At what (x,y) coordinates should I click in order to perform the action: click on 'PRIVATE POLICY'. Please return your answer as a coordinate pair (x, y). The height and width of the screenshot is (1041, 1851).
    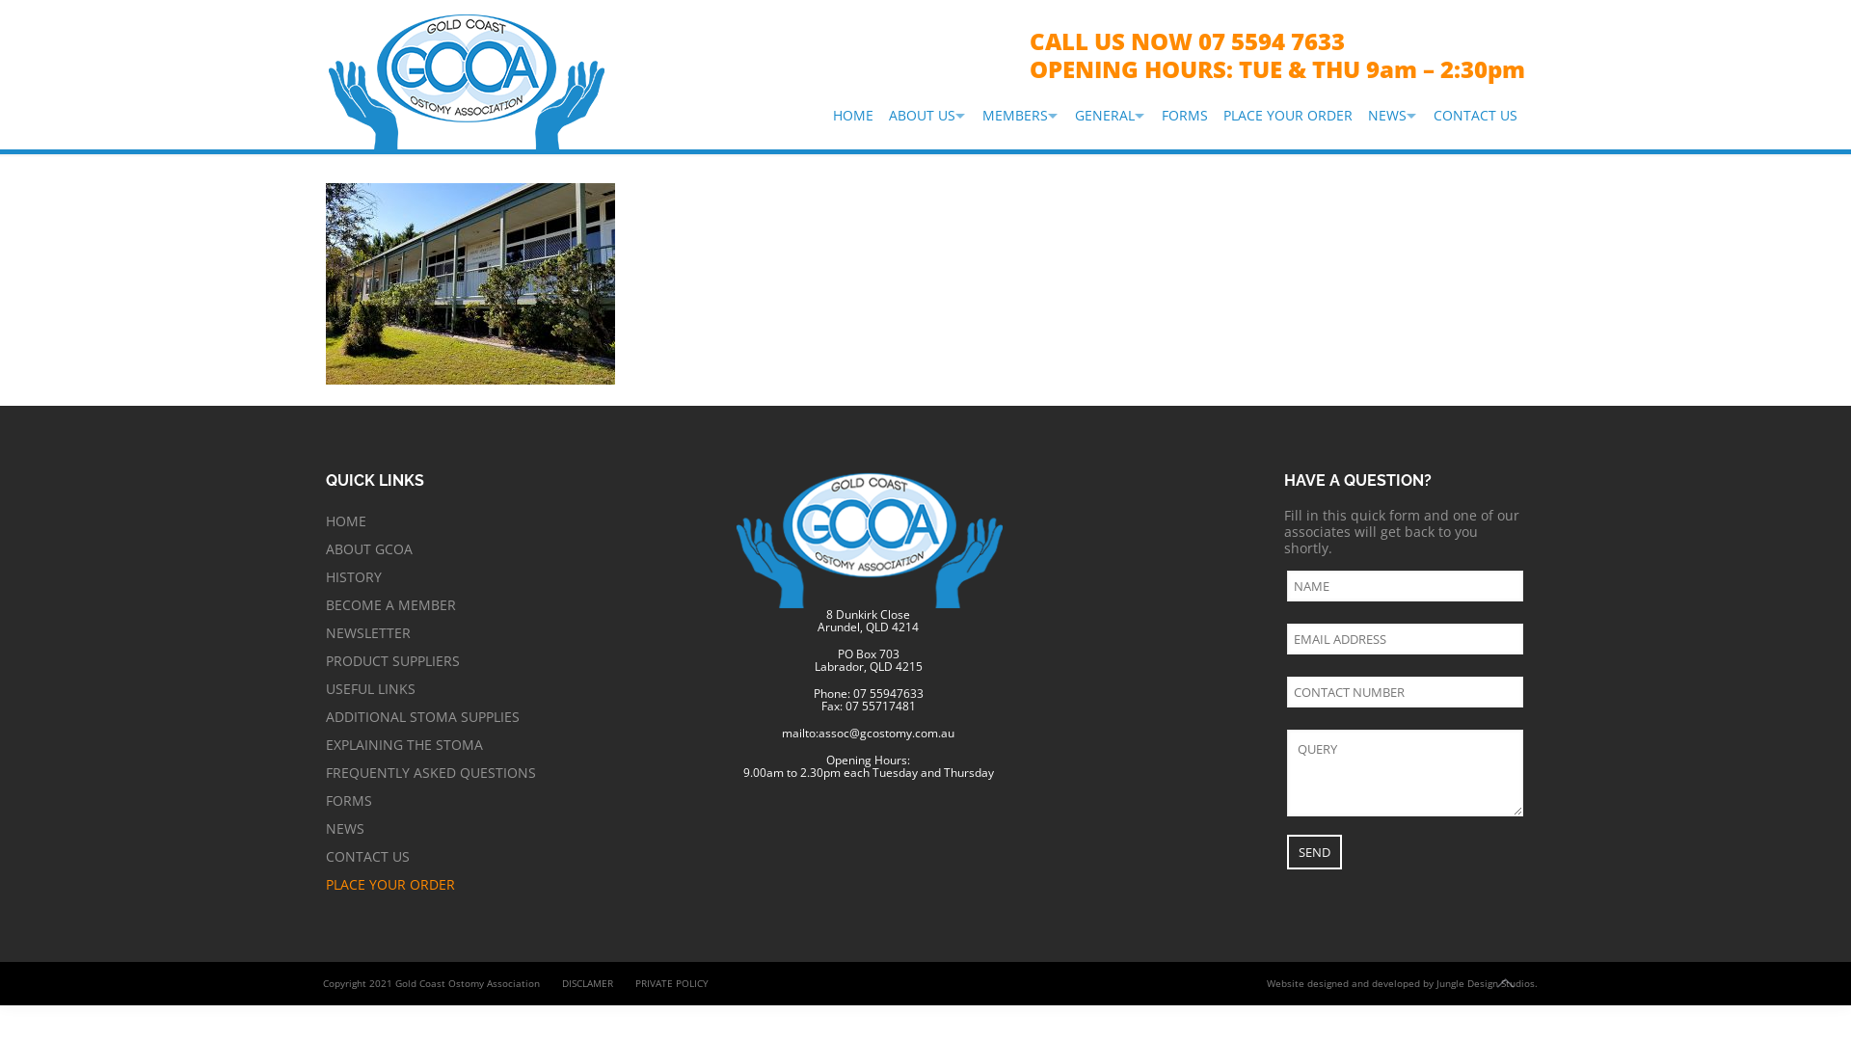
    Looking at the image, I should click on (671, 982).